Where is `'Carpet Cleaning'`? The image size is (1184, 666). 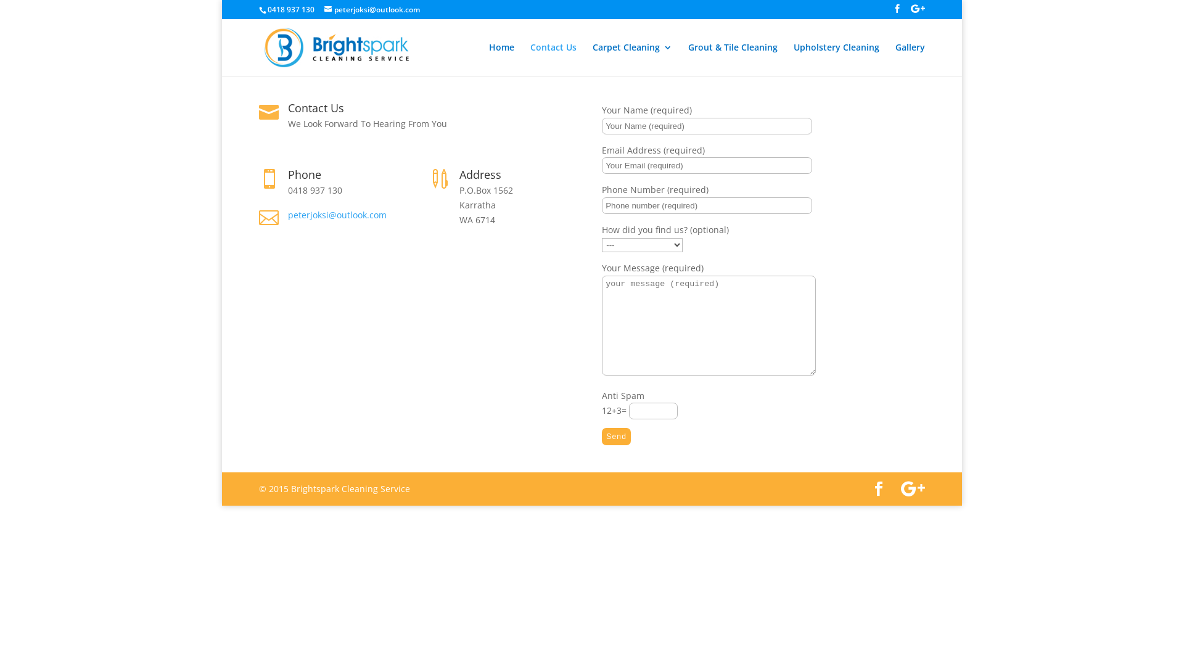
'Carpet Cleaning' is located at coordinates (632, 59).